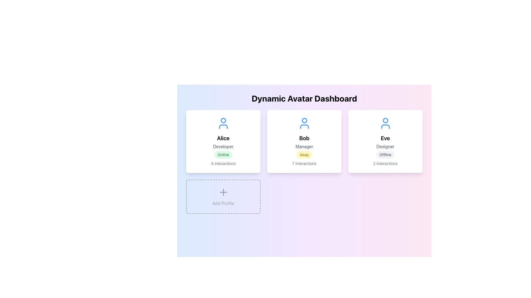 The height and width of the screenshot is (298, 531). What do you see at coordinates (223, 192) in the screenshot?
I see `the plus sign icon located within the dashed-bordered 'Add Profile' box to initiate adding a new profile` at bounding box center [223, 192].